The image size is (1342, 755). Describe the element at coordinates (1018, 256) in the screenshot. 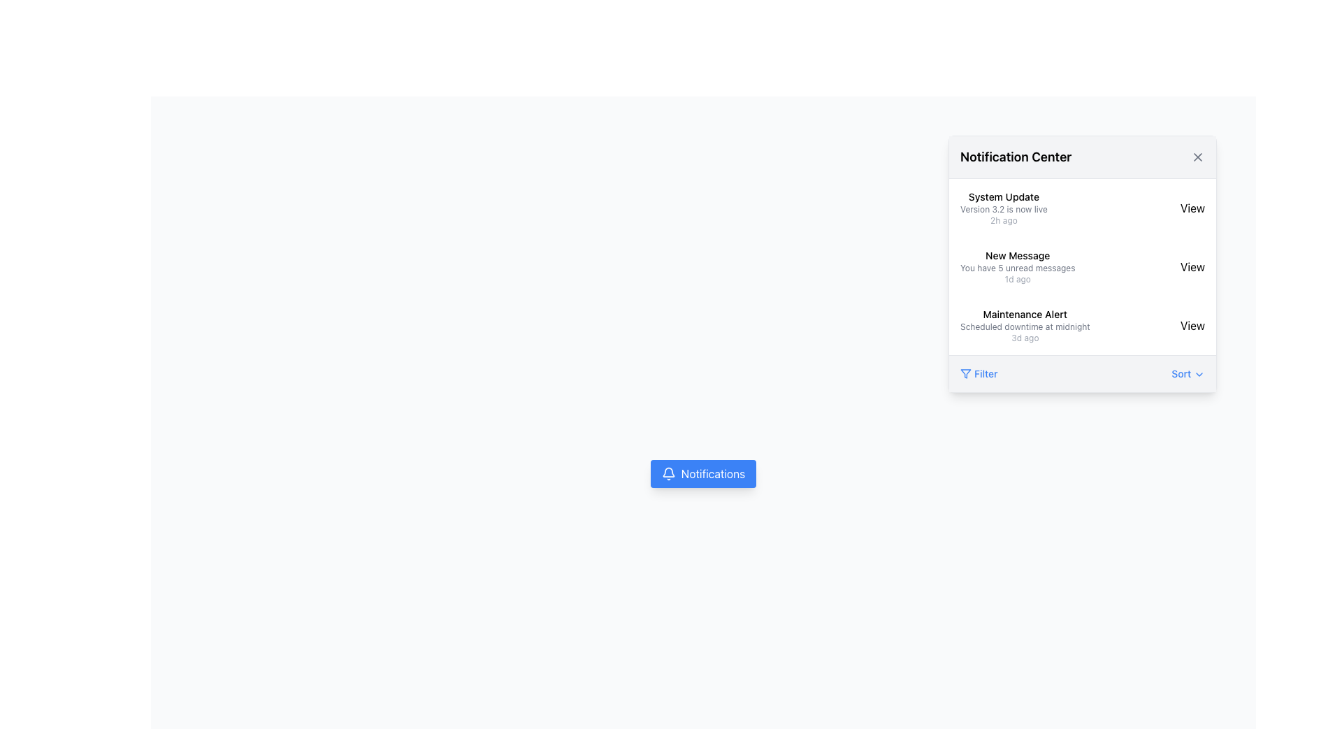

I see `the Text label that serves as the title for the second notification item in the notification center panel, which indicates a summary of its content` at that location.